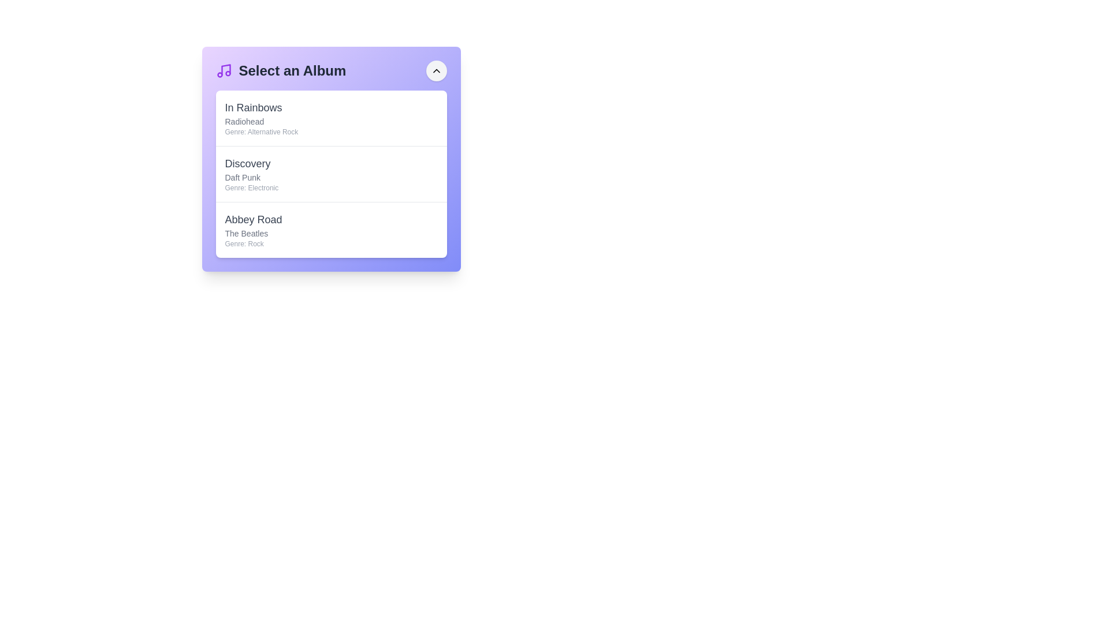 This screenshot has width=1109, height=623. Describe the element at coordinates (251, 164) in the screenshot. I see `the text label representing the title of the second album entry in the list, which is located directly above the subtitle 'Daft Punk'` at that location.